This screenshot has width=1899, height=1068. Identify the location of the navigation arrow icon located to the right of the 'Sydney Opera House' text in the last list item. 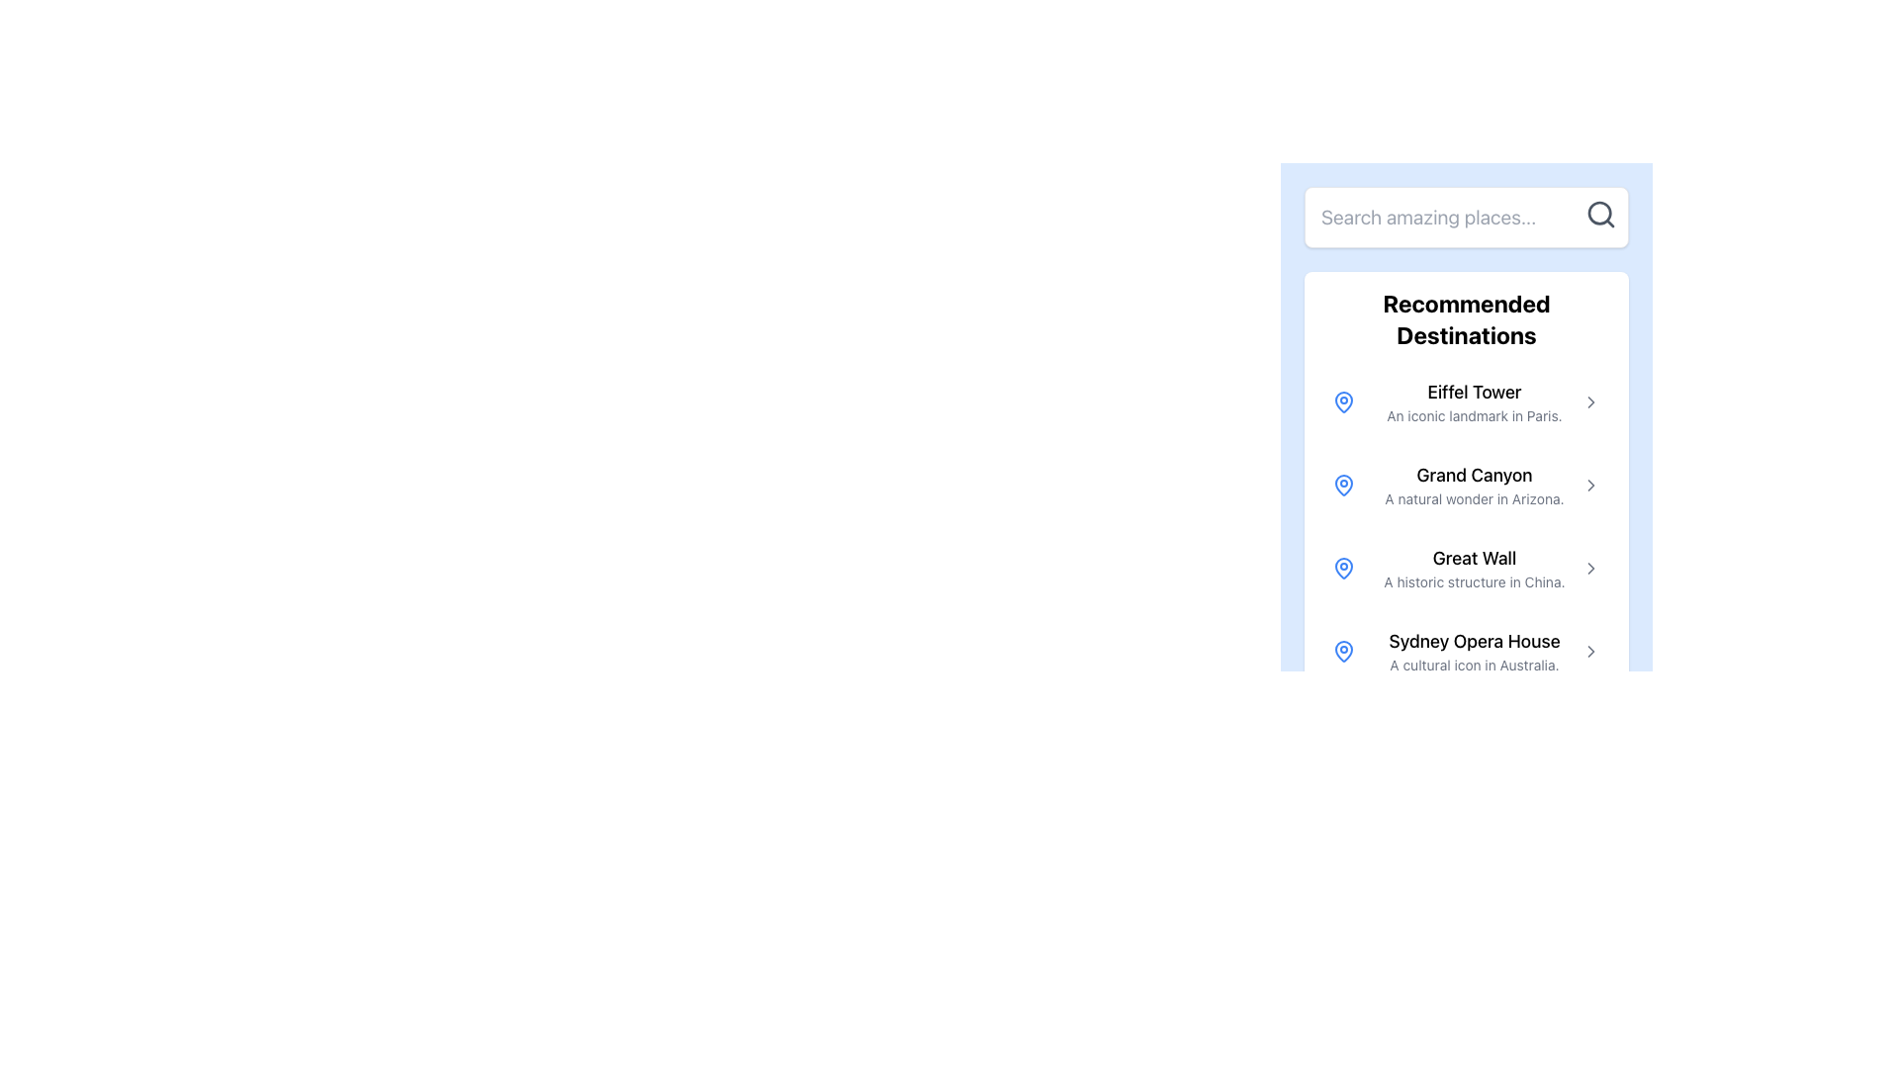
(1590, 652).